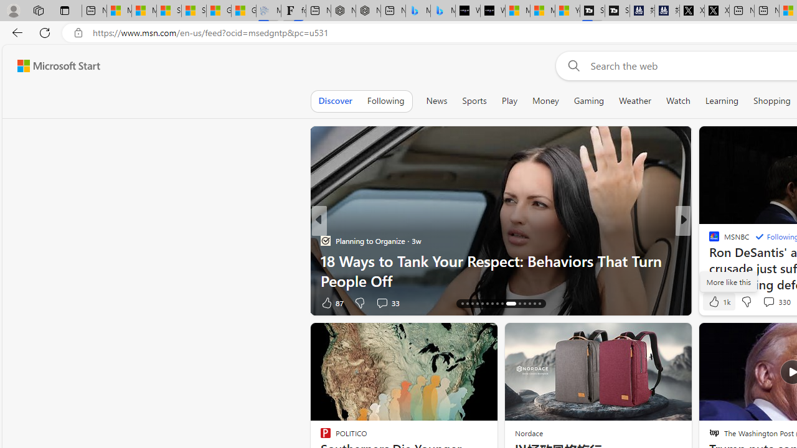 This screenshot has width=797, height=448. I want to click on 'AutomationID: tab-22', so click(491, 304).